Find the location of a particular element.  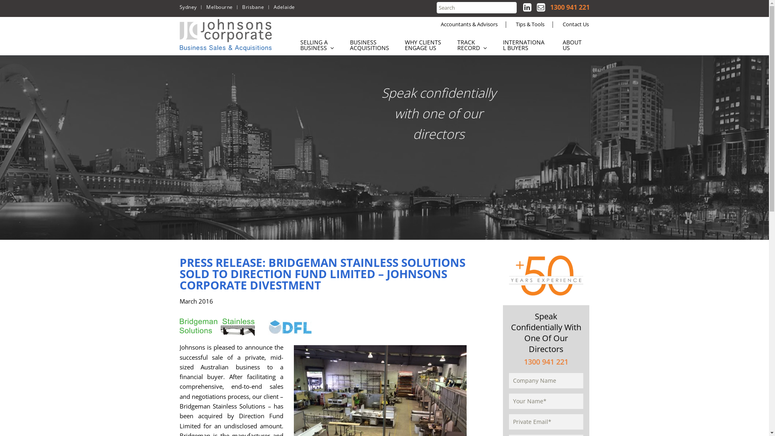

'Contact Us' is located at coordinates (575, 24).